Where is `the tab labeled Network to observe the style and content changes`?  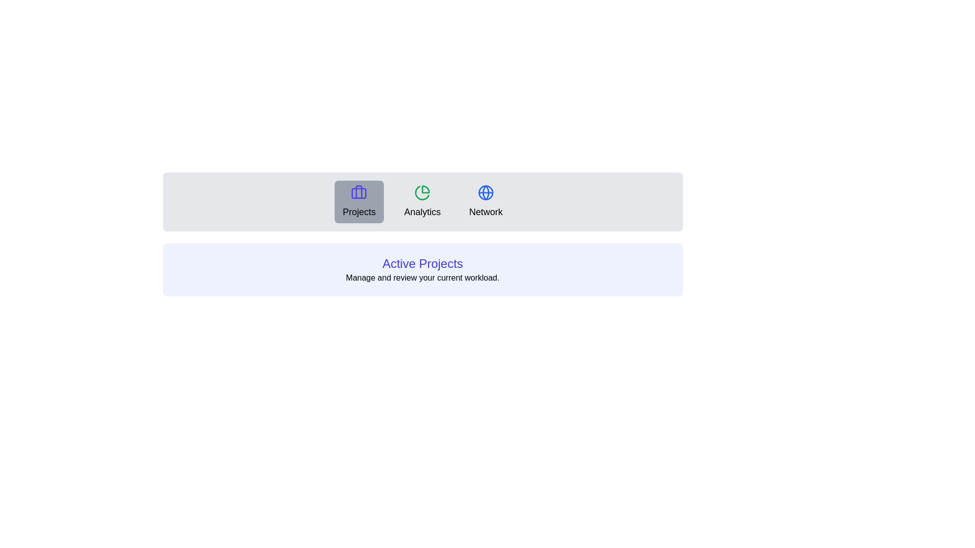 the tab labeled Network to observe the style and content changes is located at coordinates (485, 201).